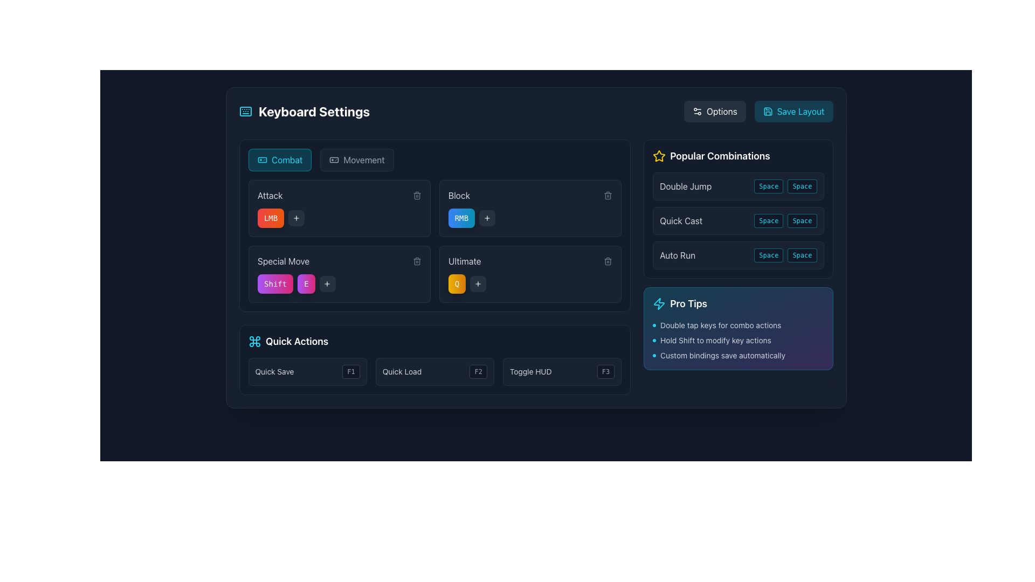  Describe the element at coordinates (737, 209) in the screenshot. I see `the first informational module on keyboard settings that provides predefined keybinding combinations, located on the right side of the interface` at that location.